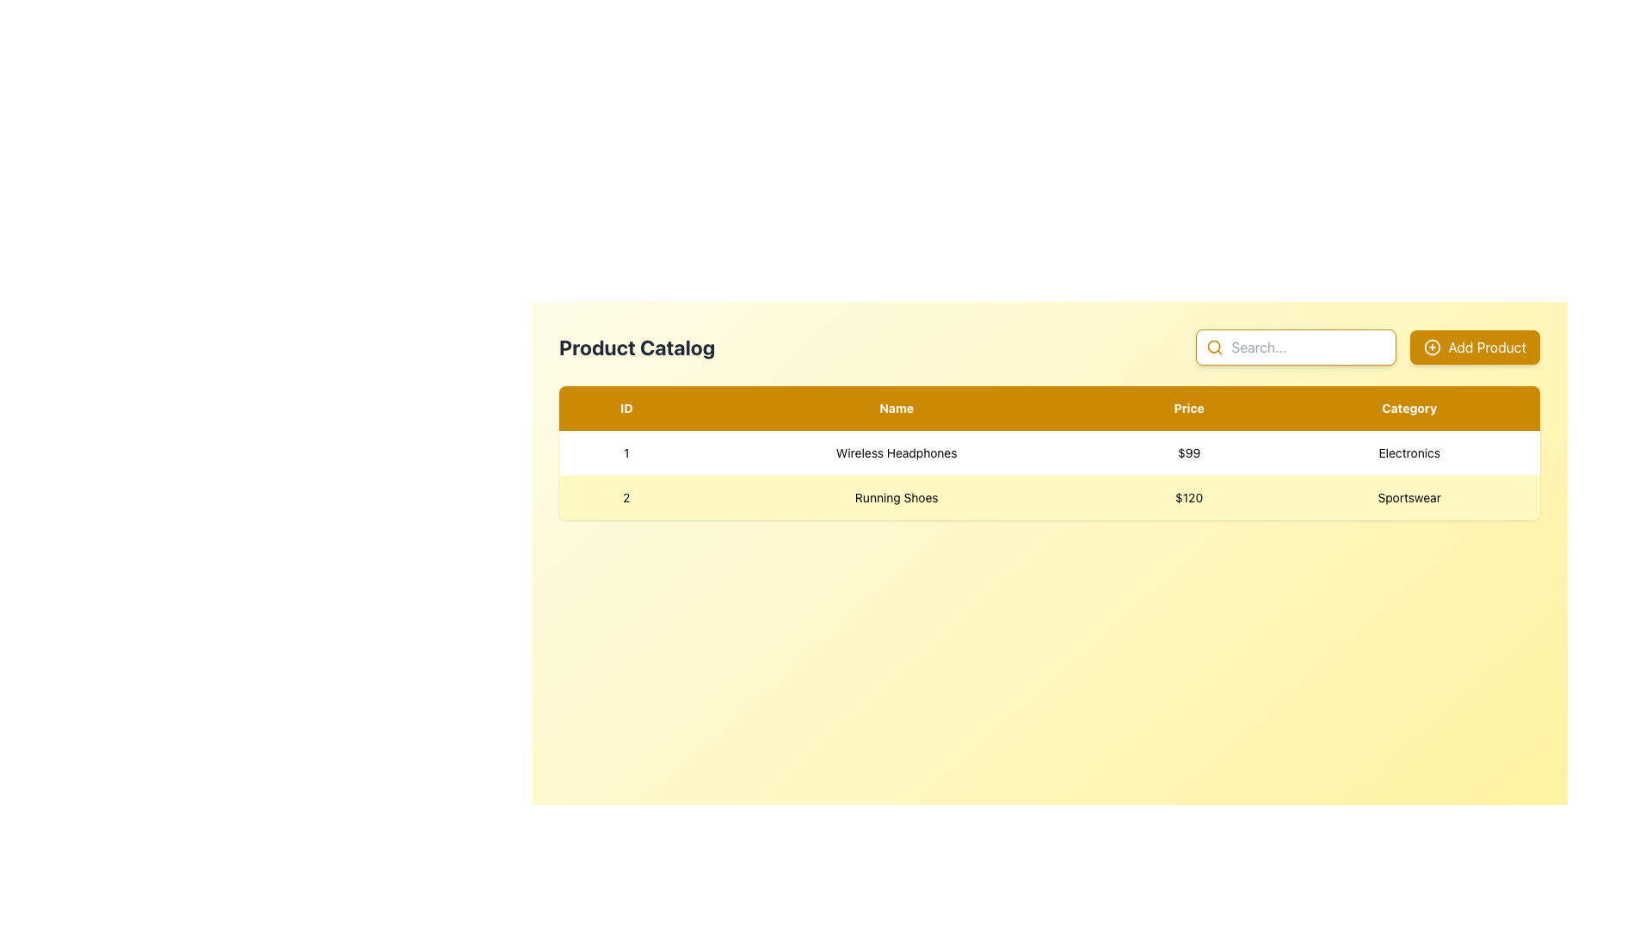  What do you see at coordinates (896, 408) in the screenshot?
I see `the 'Name' label in the header row of the Product Catalog, which is displayed in white text on a golden-yellow background` at bounding box center [896, 408].